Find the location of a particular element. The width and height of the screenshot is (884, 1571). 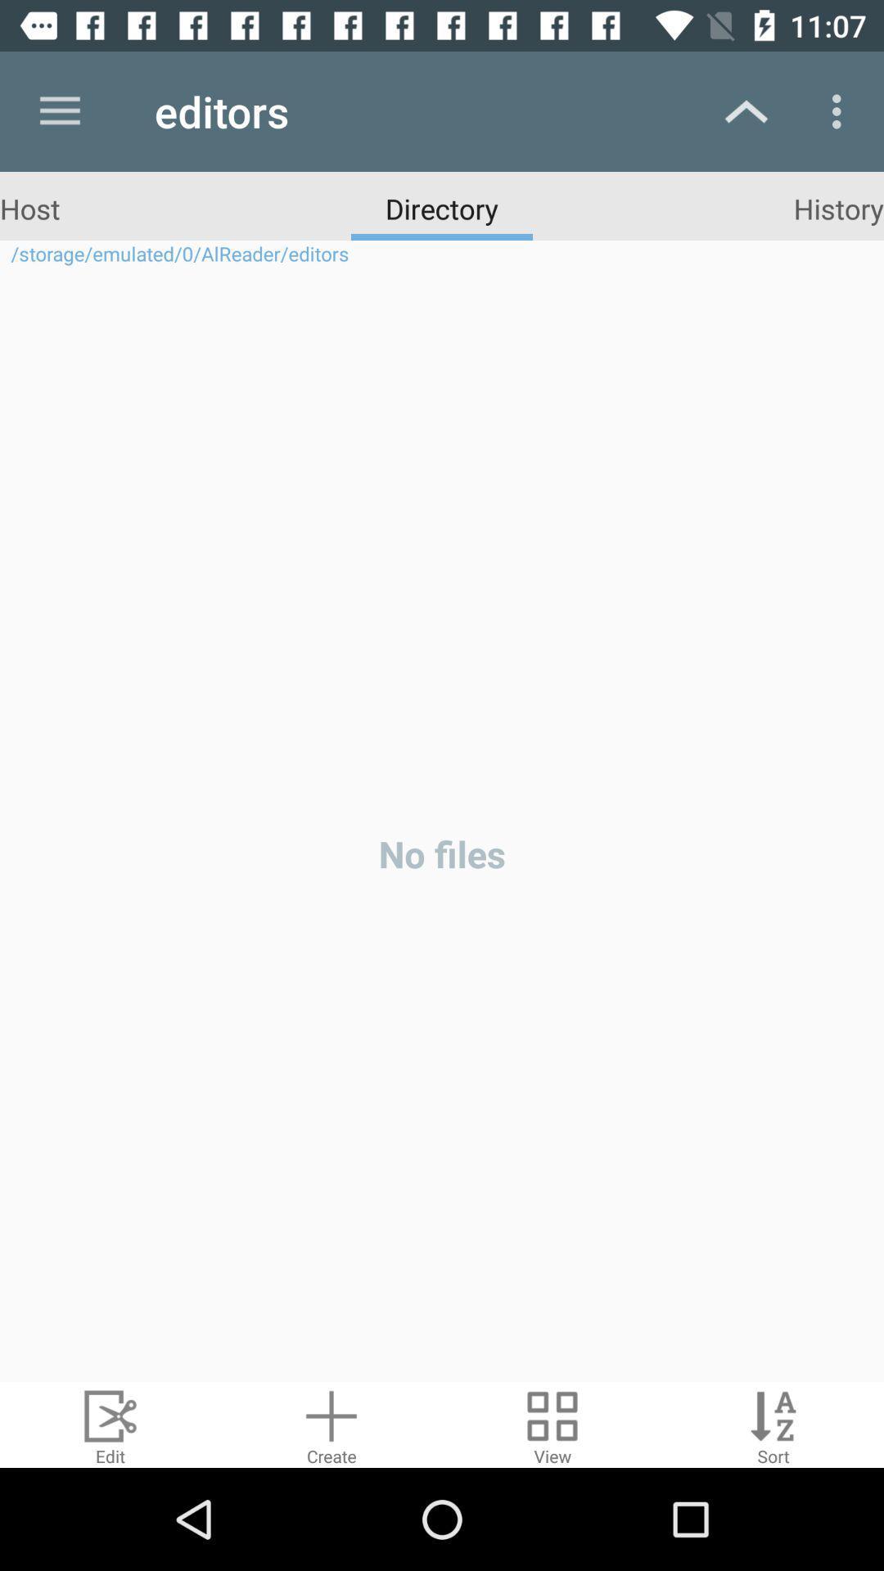

item to the left of the directory icon is located at coordinates (29, 207).